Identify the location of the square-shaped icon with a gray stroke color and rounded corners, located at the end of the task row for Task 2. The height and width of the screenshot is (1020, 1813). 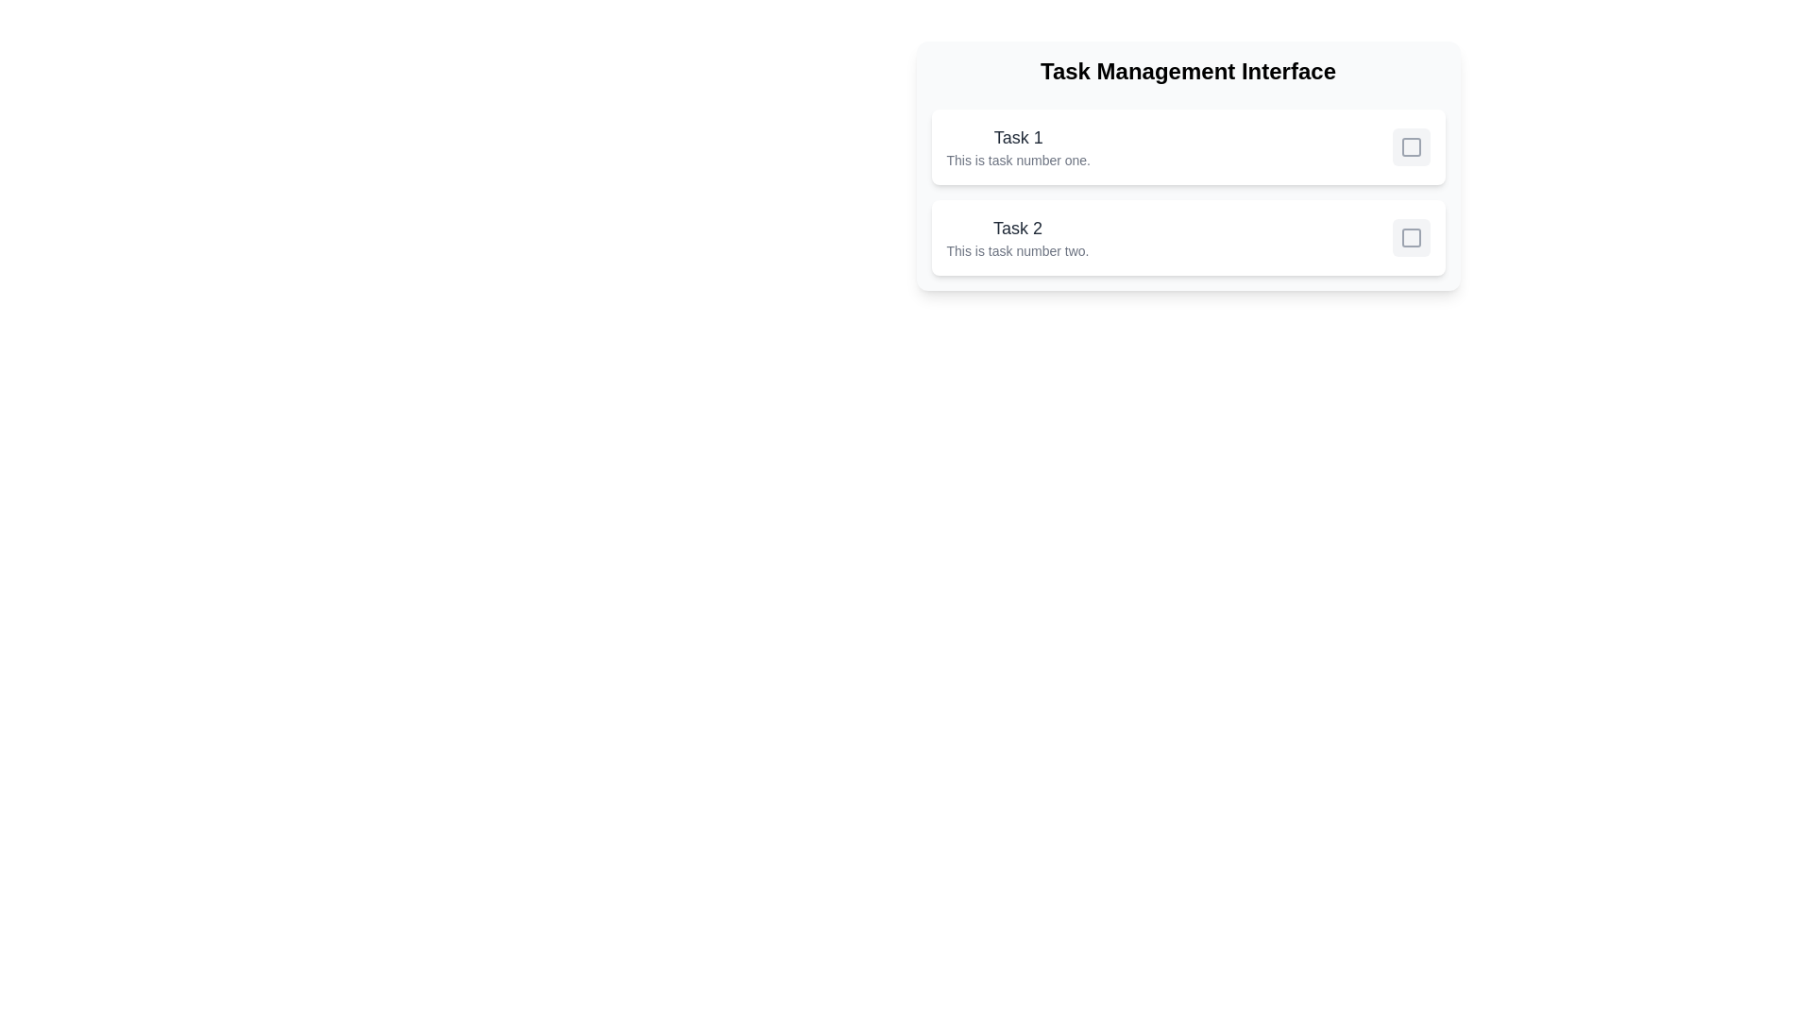
(1411, 236).